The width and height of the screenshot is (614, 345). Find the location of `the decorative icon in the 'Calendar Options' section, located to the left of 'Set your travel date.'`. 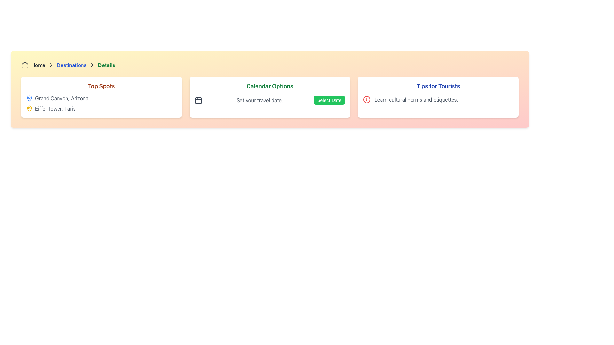

the decorative icon in the 'Calendar Options' section, located to the left of 'Set your travel date.' is located at coordinates (198, 100).